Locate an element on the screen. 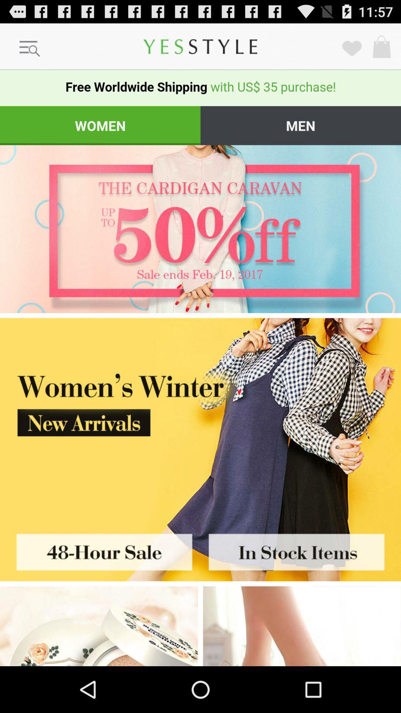 Image resolution: width=401 pixels, height=713 pixels. link to 50 off is located at coordinates (200, 228).